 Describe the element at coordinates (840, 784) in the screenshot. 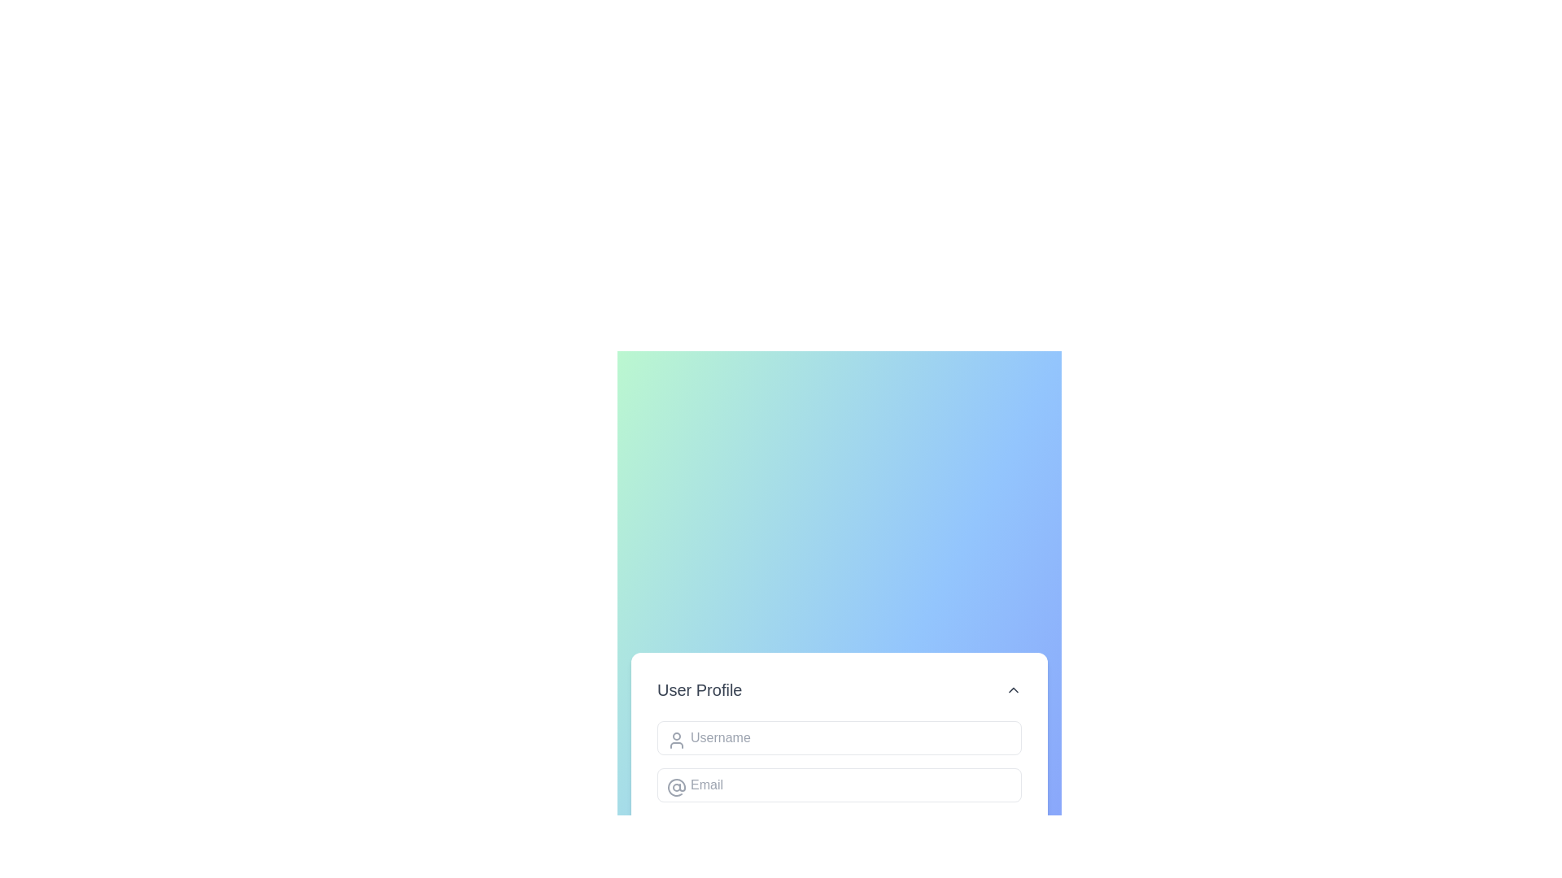

I see `the email input field, which is the second interactive input under the 'User Profile' section` at that location.